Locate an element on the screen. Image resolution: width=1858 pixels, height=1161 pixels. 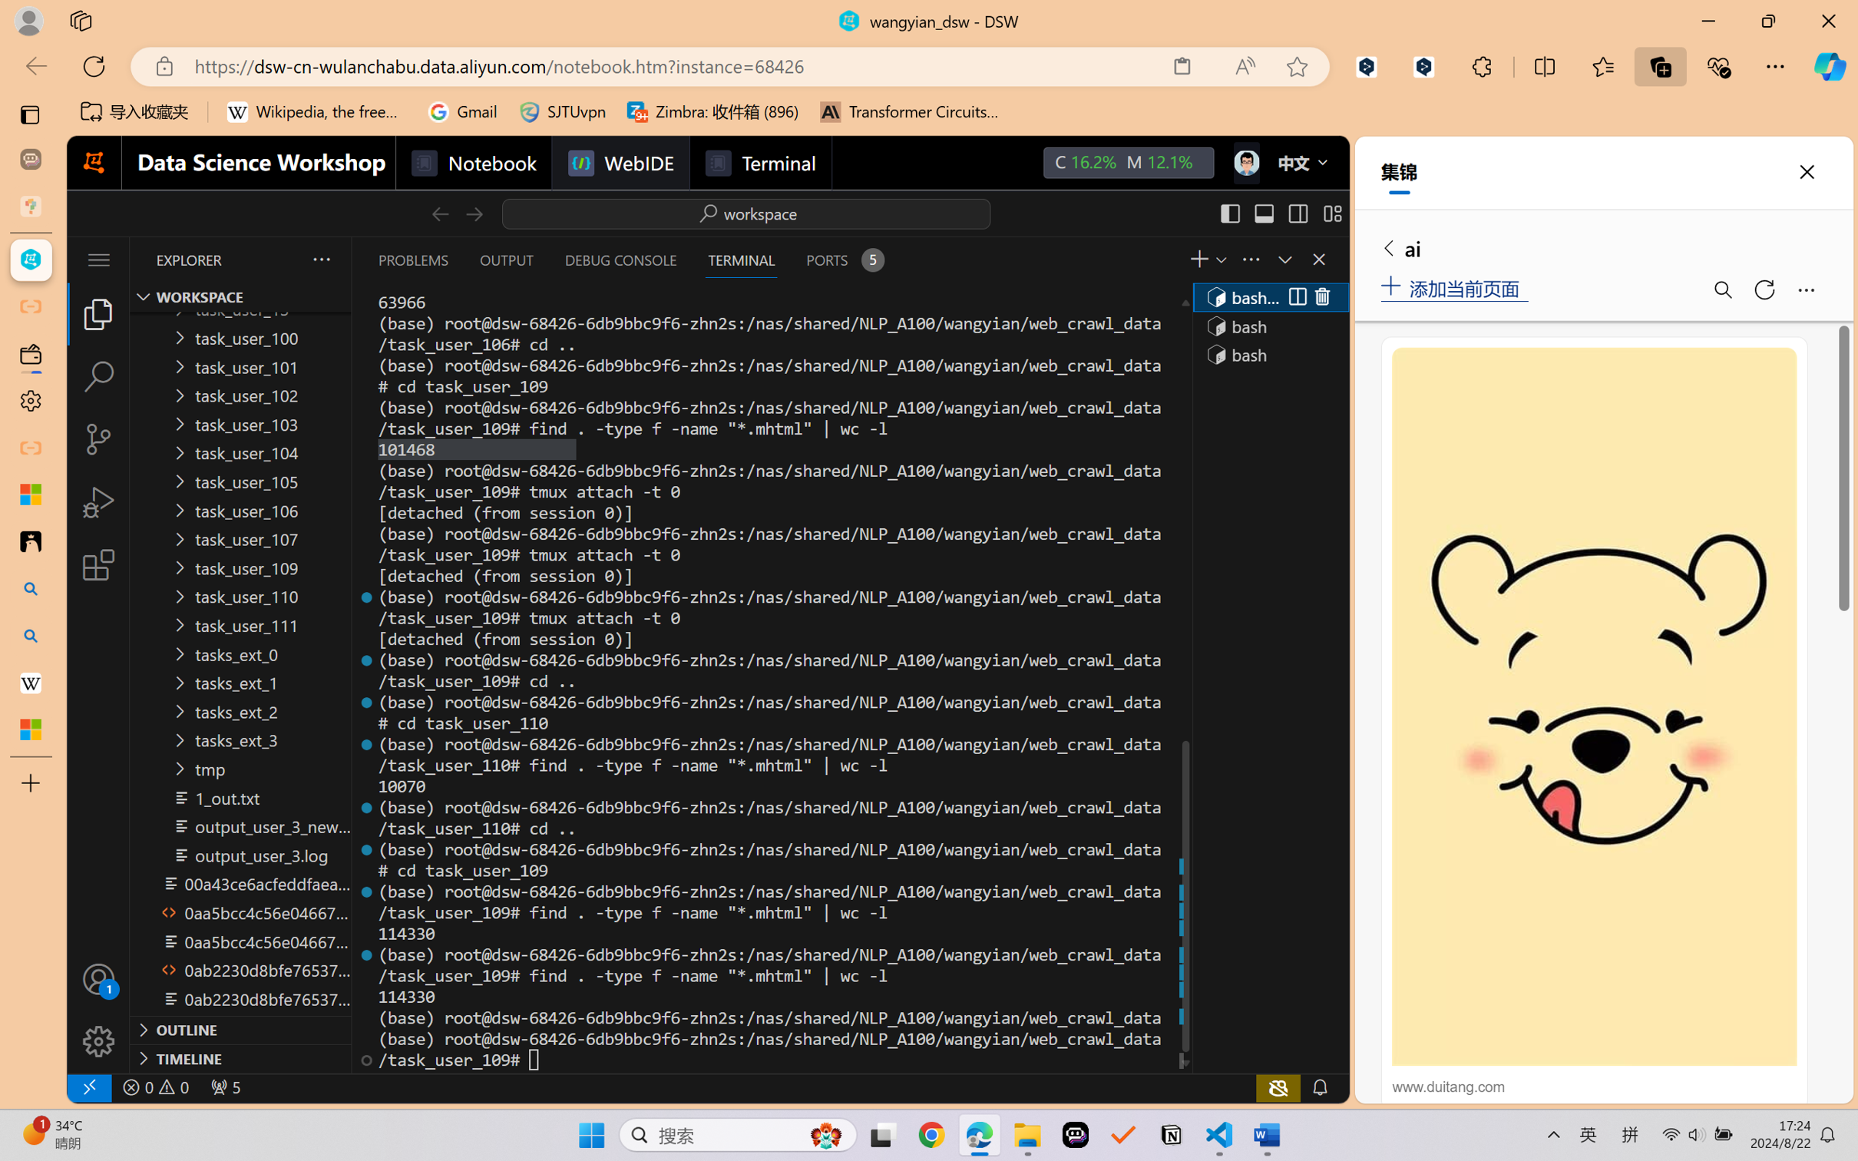
'Application Menu' is located at coordinates (98, 259).